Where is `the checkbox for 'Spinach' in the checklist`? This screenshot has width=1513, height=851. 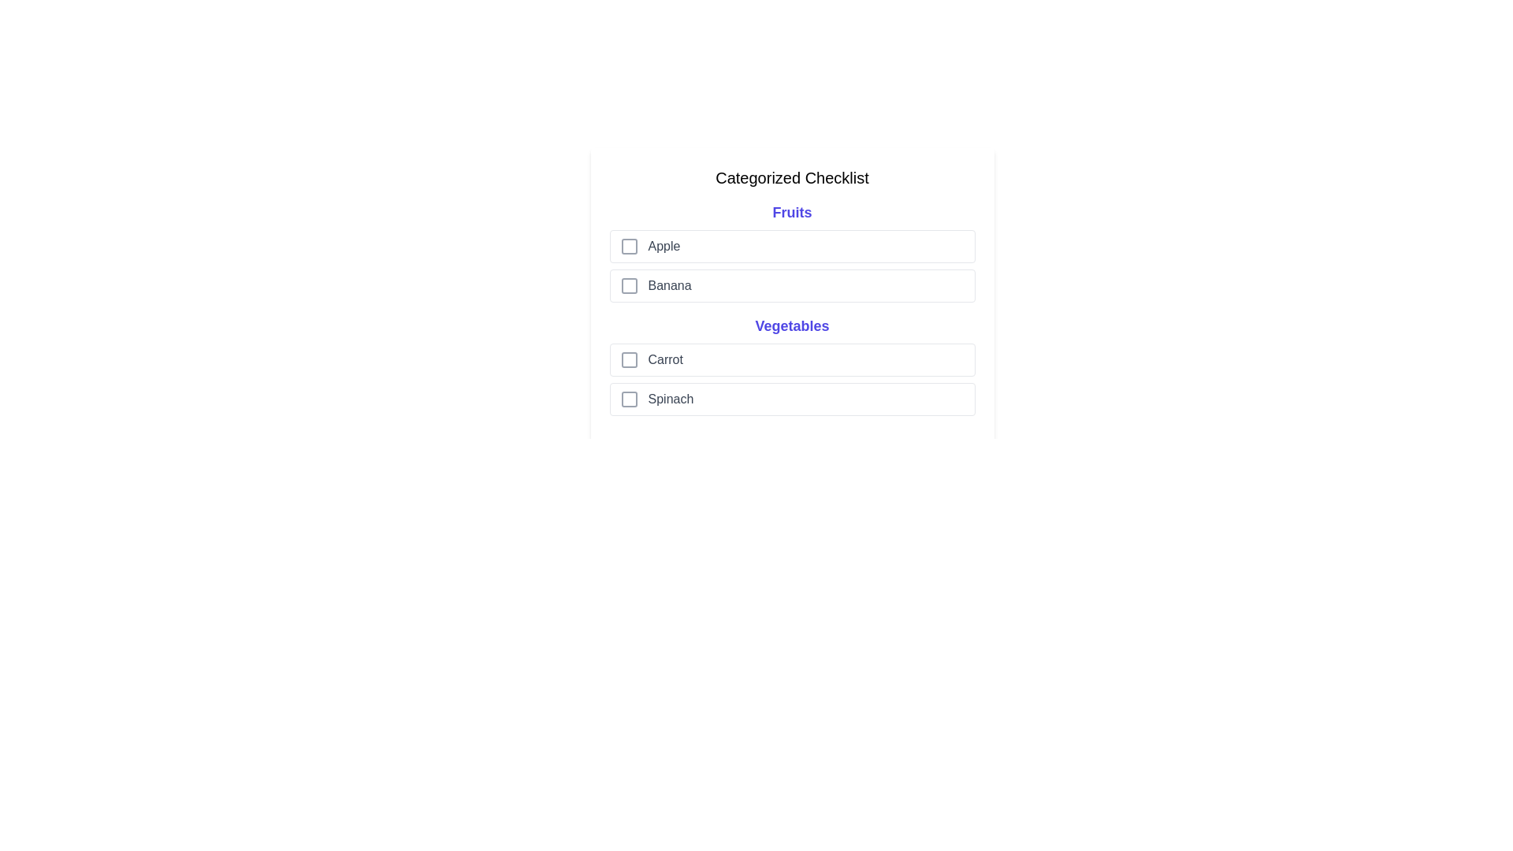
the checkbox for 'Spinach' in the checklist is located at coordinates (628, 398).